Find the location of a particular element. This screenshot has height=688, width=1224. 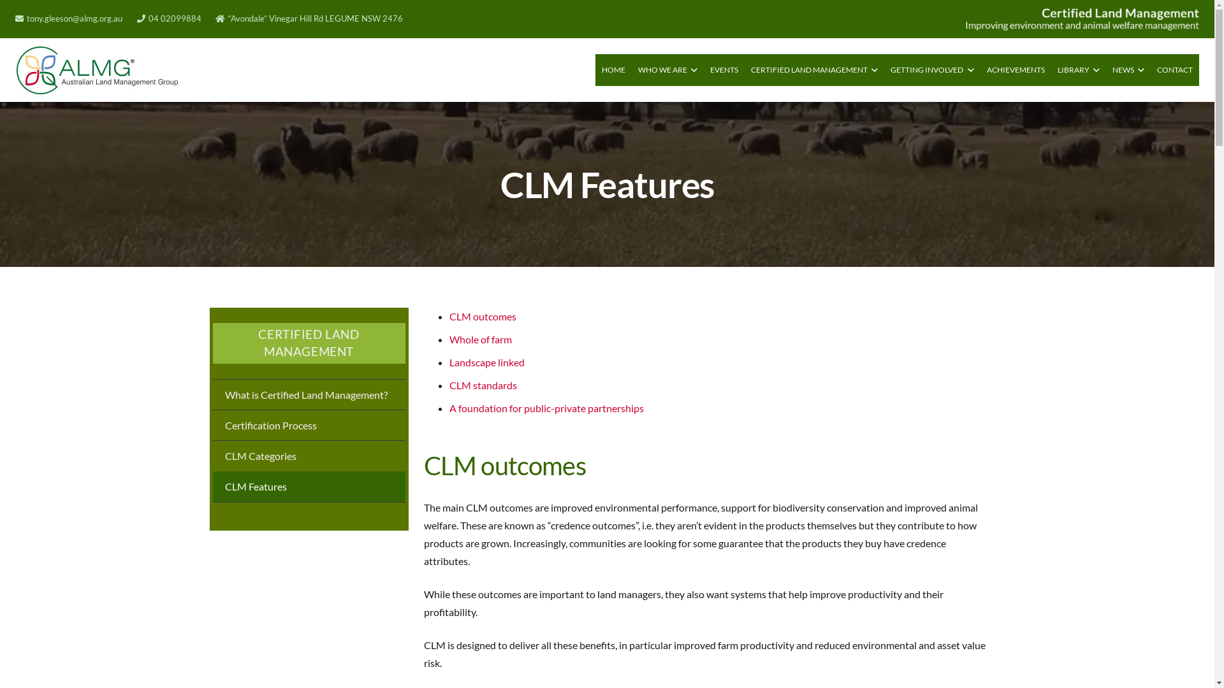

'Landscape linked' is located at coordinates (486, 362).